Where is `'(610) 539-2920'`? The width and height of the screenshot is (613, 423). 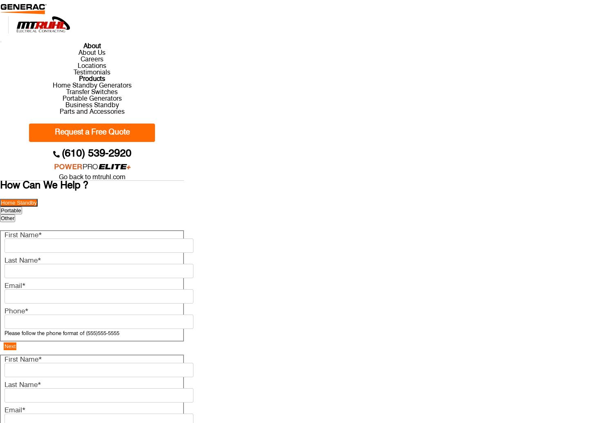
'(610) 539-2920' is located at coordinates (96, 153).